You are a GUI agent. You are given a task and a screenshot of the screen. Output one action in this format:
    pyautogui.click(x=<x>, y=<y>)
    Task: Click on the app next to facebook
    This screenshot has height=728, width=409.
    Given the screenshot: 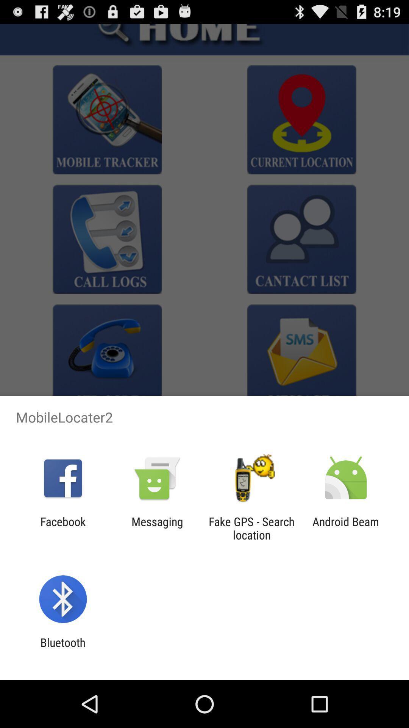 What is the action you would take?
    pyautogui.click(x=157, y=528)
    